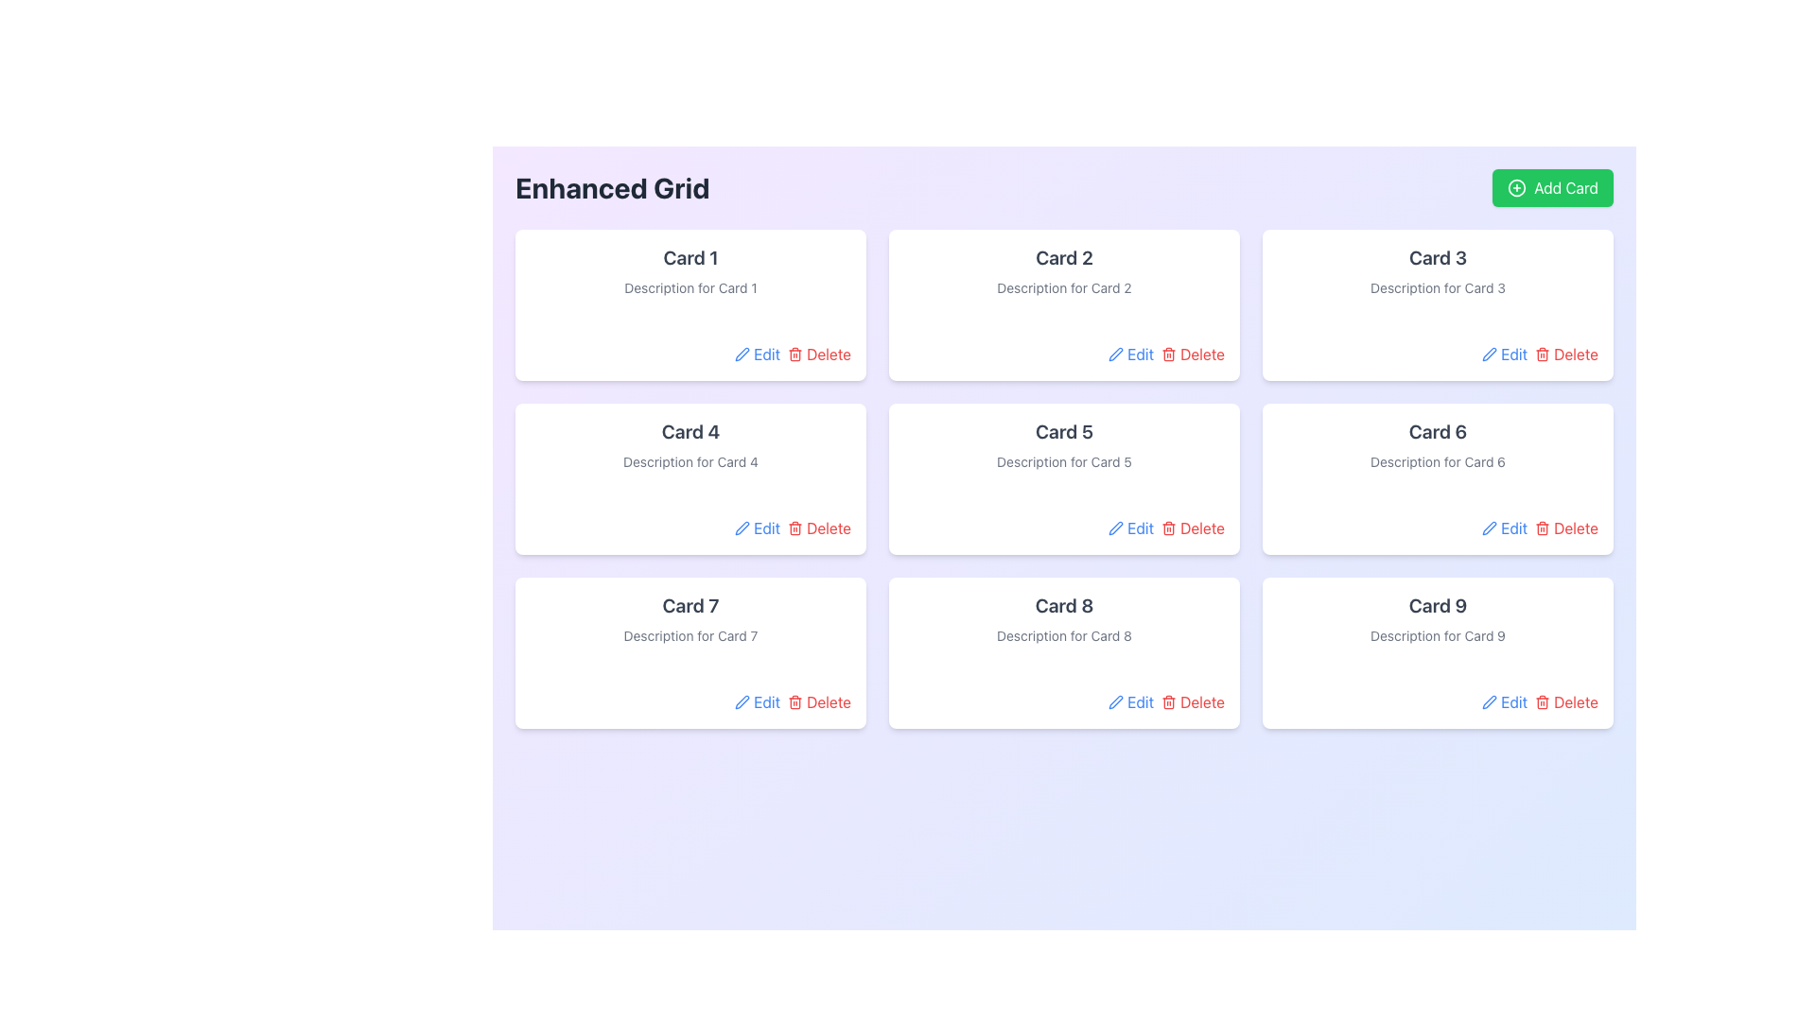 This screenshot has height=1021, width=1816. I want to click on and drop 'Card 9' from the bottom right corner of the grid layout, so click(1438, 651).